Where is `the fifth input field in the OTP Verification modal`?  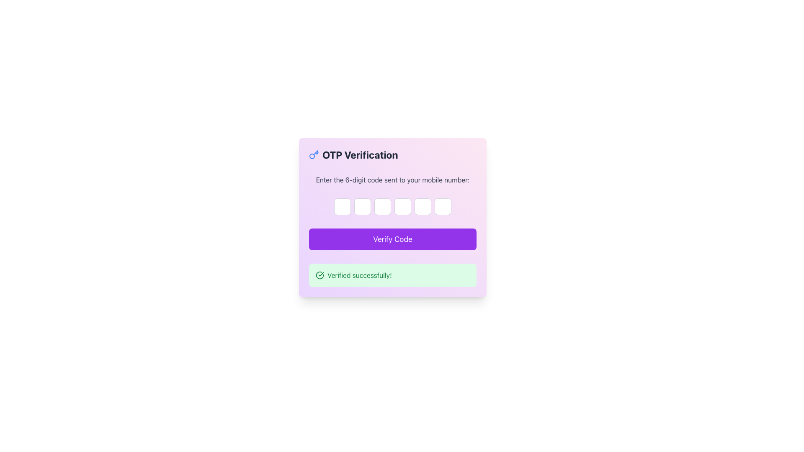
the fifth input field in the OTP Verification modal is located at coordinates (423, 206).